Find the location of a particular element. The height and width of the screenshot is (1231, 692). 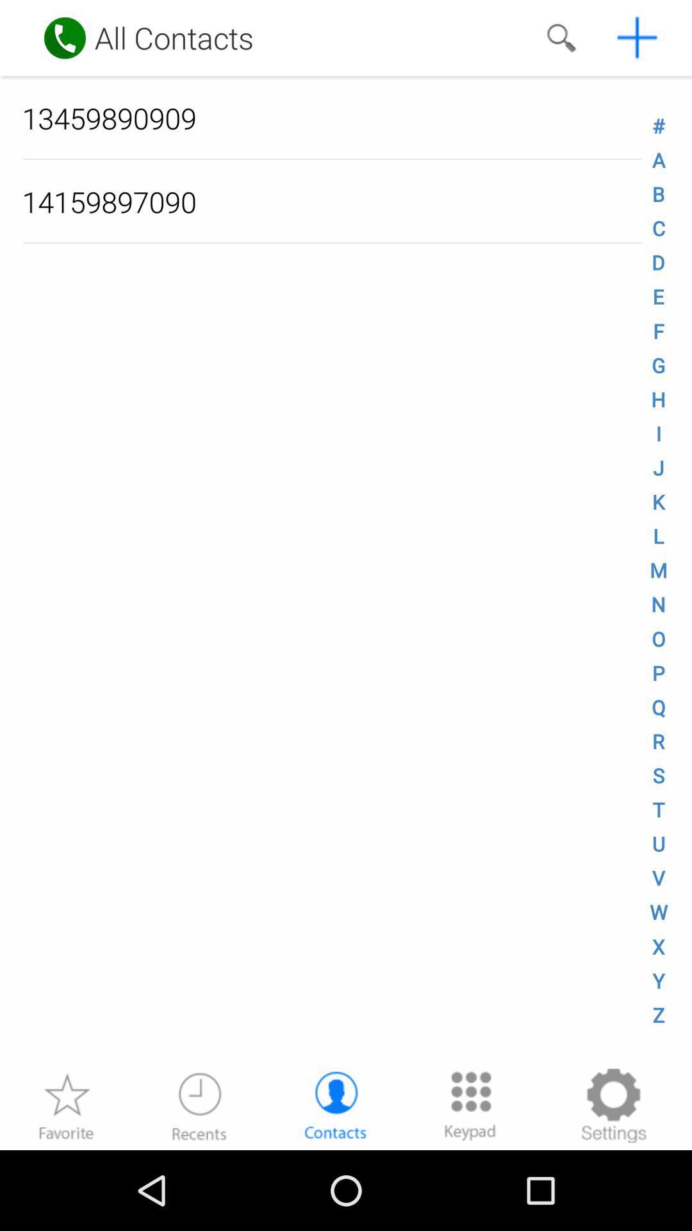

contacts is located at coordinates (335, 1105).